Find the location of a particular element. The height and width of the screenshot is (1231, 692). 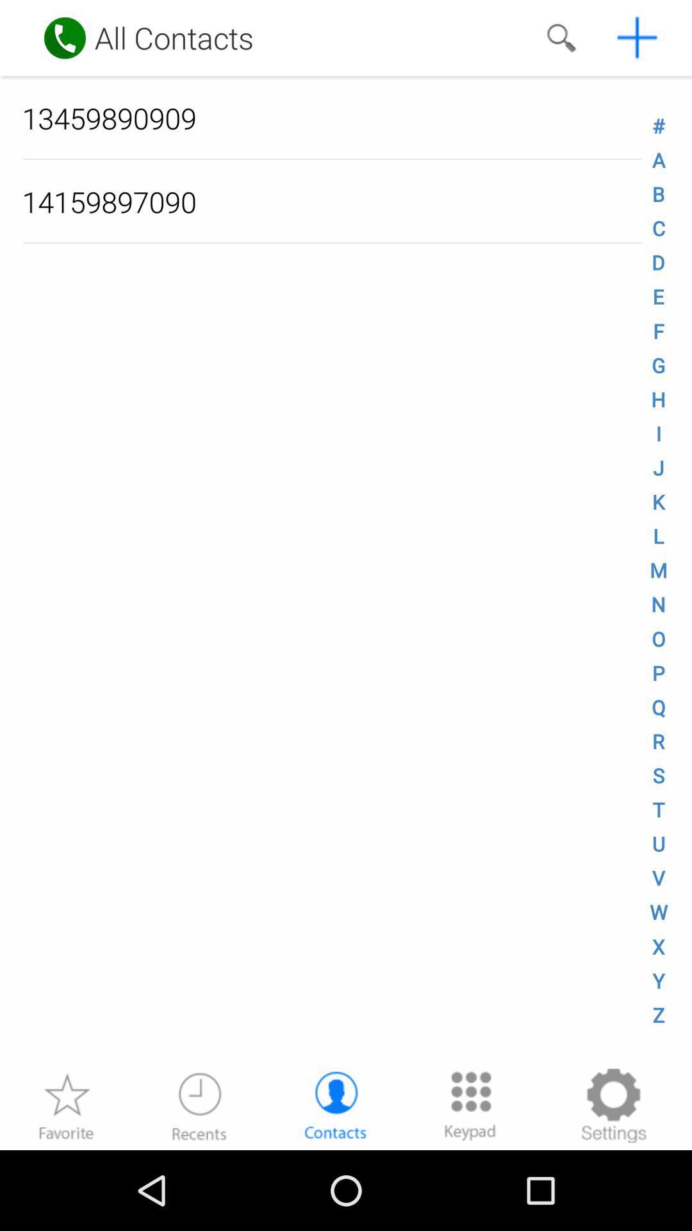

contacts is located at coordinates (335, 1105).